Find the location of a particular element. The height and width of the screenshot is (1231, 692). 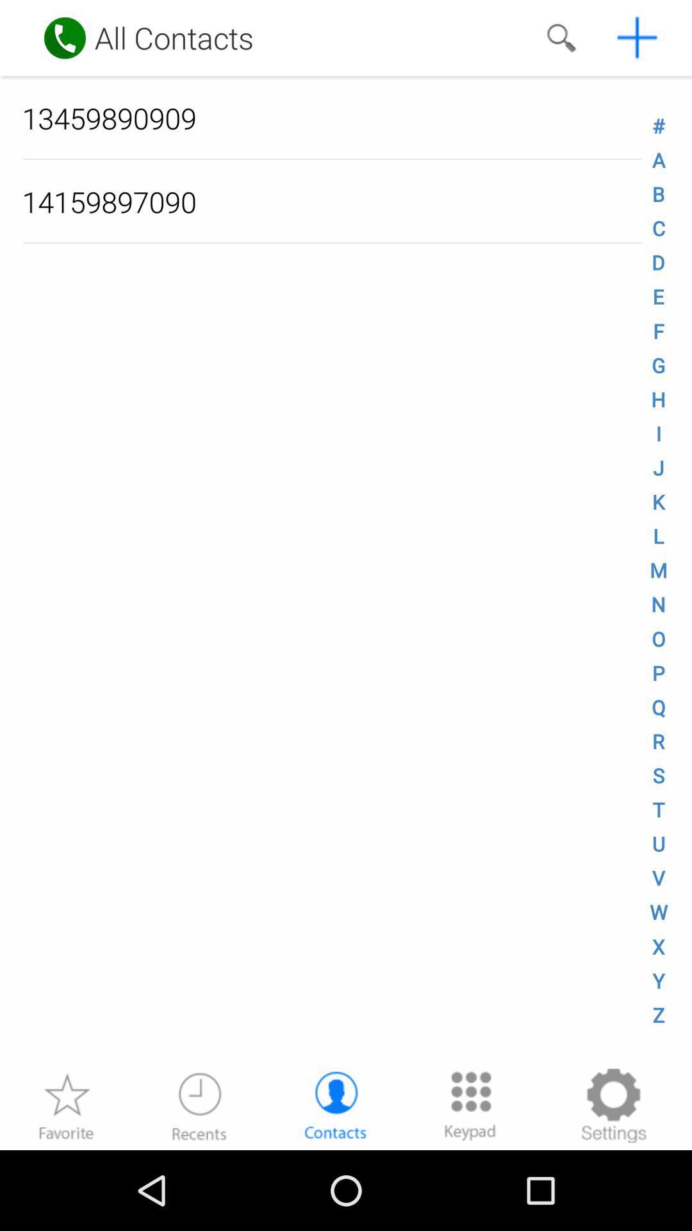

contacts is located at coordinates (335, 1105).